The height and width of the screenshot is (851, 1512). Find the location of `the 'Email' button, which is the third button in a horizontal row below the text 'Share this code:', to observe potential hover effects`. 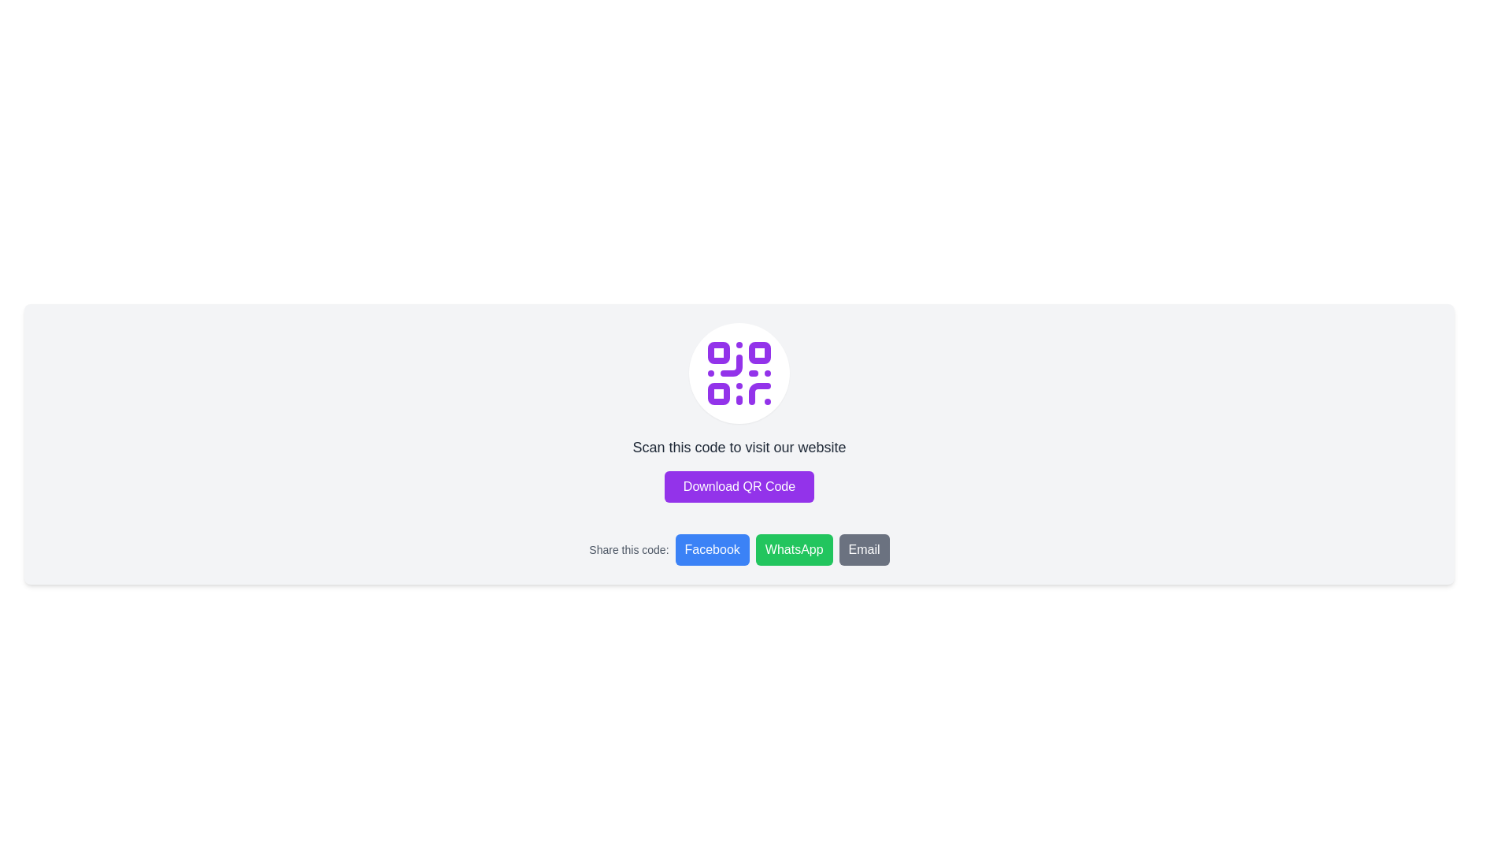

the 'Email' button, which is the third button in a horizontal row below the text 'Share this code:', to observe potential hover effects is located at coordinates (863, 549).